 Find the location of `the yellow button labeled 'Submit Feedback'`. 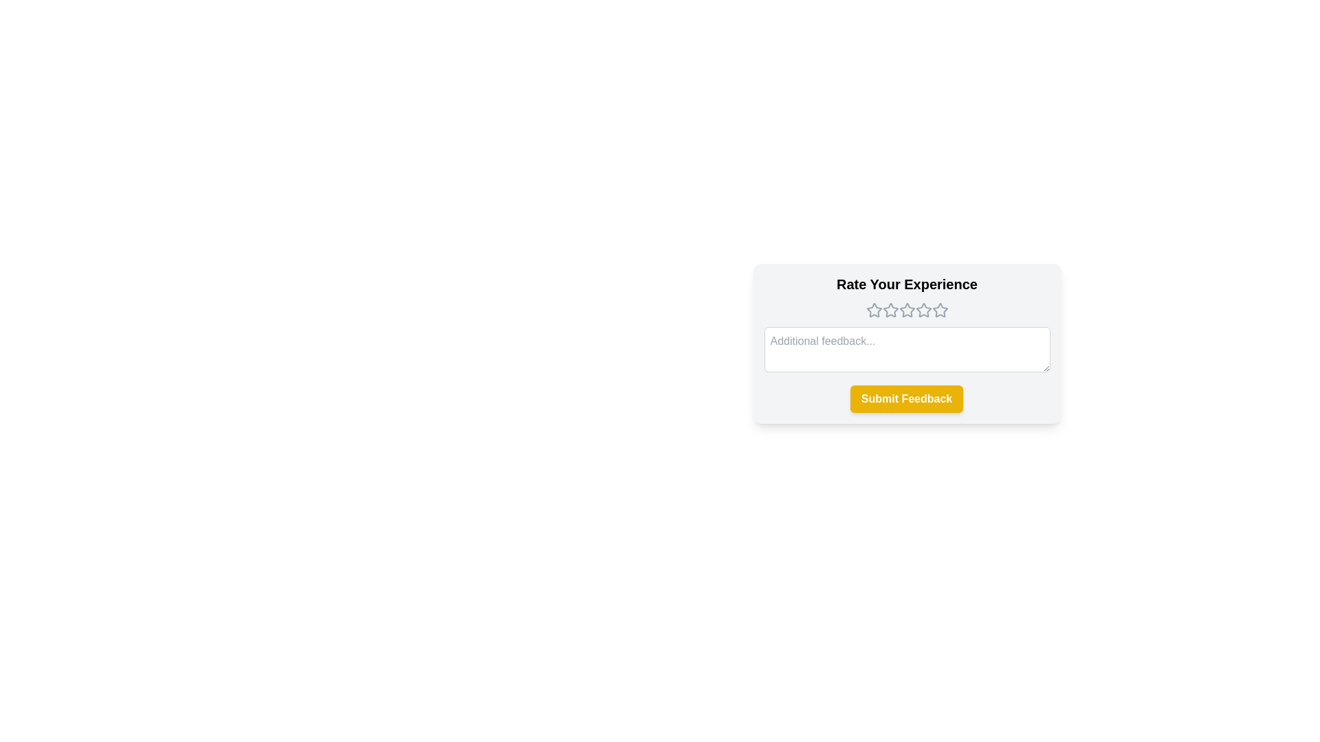

the yellow button labeled 'Submit Feedback' is located at coordinates (907, 399).